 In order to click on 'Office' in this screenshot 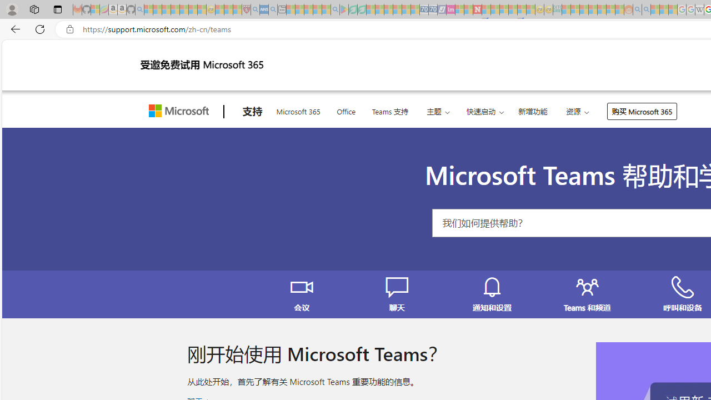, I will do `click(346, 110)`.